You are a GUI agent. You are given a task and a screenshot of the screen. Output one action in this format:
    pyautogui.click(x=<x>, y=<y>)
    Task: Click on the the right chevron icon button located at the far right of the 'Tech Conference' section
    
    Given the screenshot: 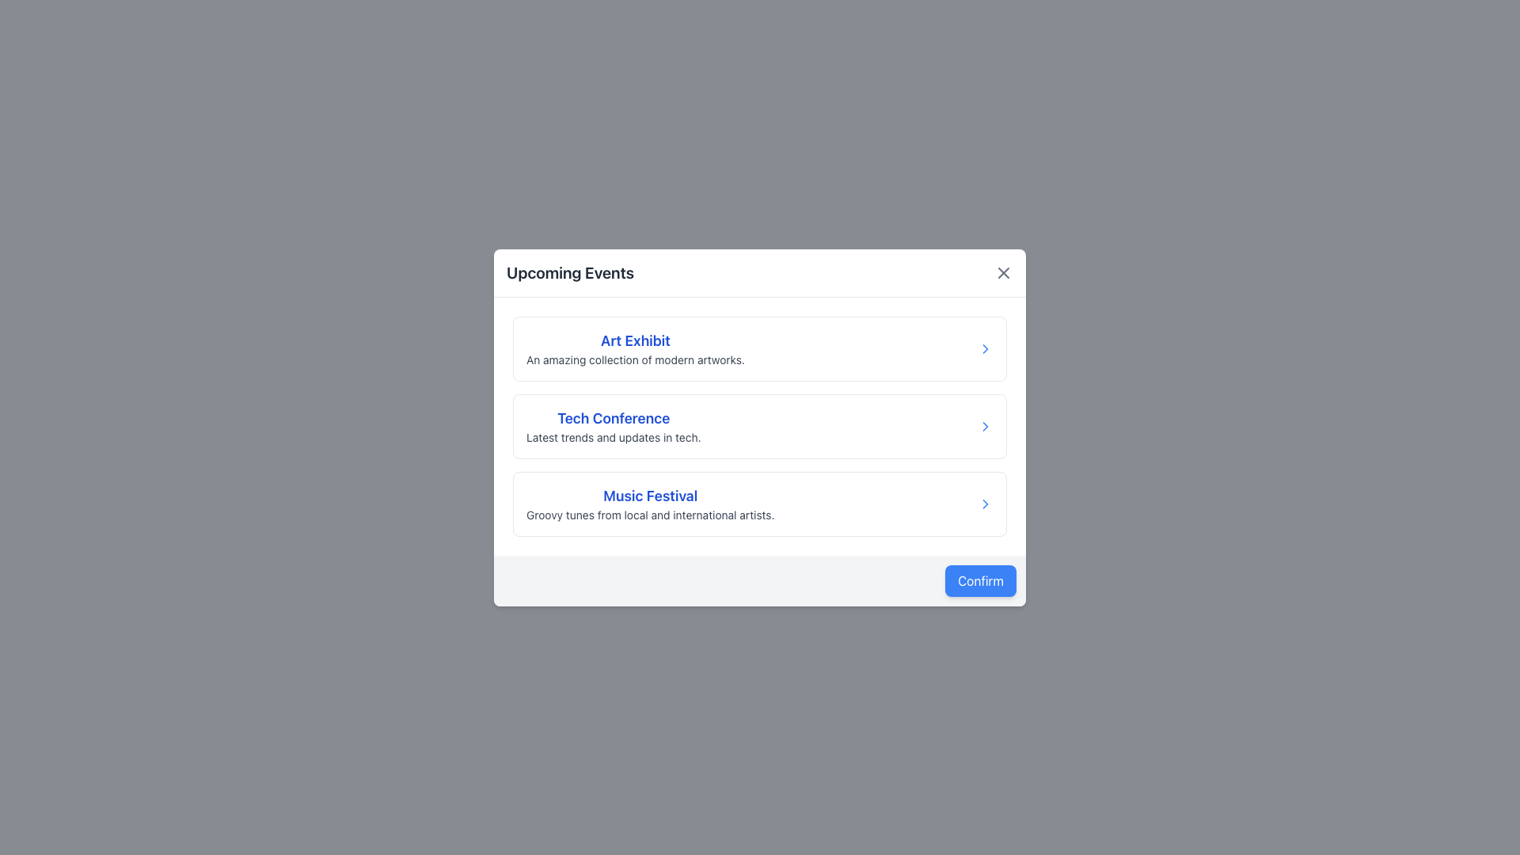 What is the action you would take?
    pyautogui.click(x=984, y=424)
    